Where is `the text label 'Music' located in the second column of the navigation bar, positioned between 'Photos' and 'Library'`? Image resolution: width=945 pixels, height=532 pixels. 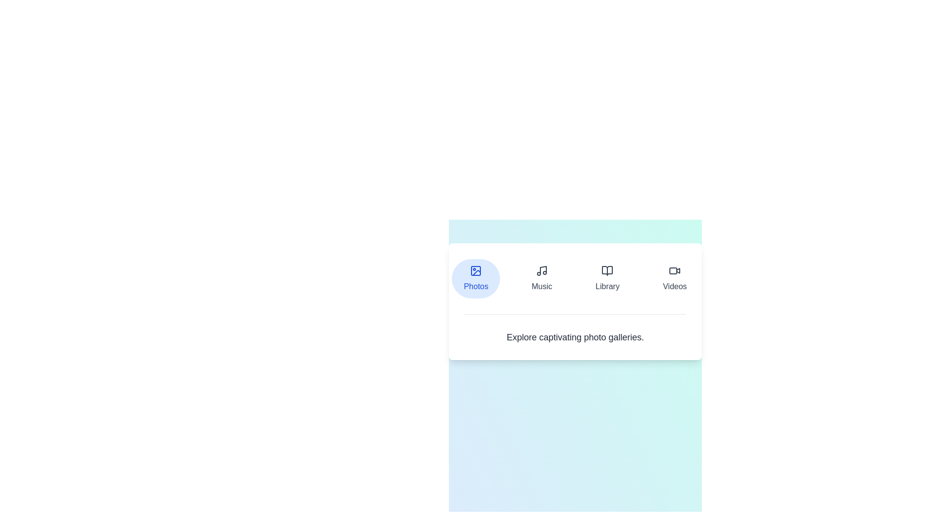 the text label 'Music' located in the second column of the navigation bar, positioned between 'Photos' and 'Library' is located at coordinates (541, 287).